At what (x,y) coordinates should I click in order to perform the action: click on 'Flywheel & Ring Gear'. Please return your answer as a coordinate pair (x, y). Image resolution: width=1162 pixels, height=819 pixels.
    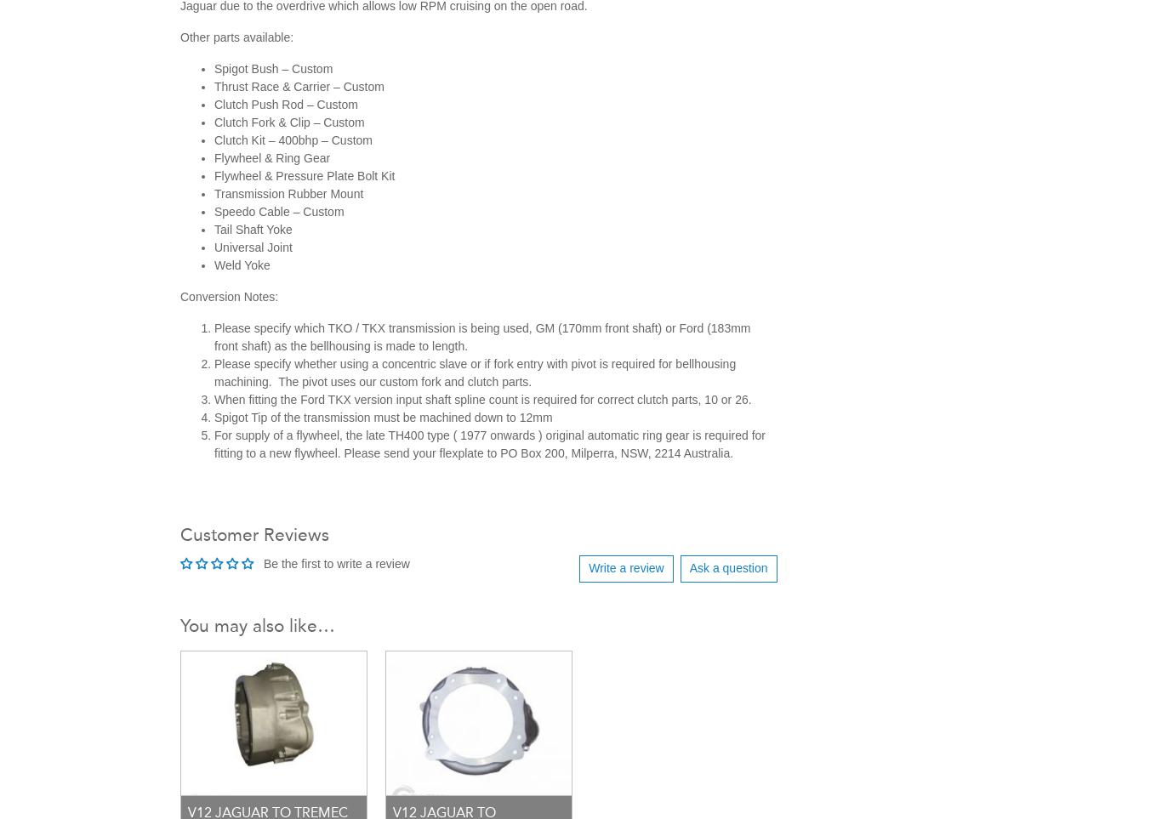
    Looking at the image, I should click on (272, 156).